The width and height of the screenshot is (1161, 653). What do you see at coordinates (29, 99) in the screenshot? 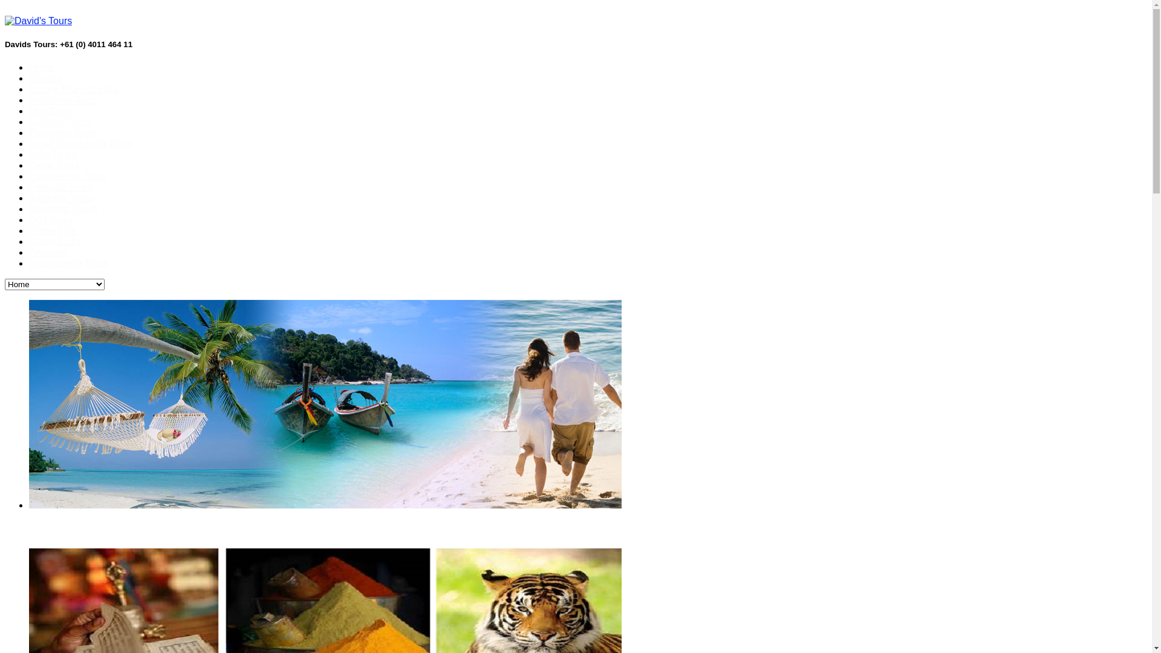
I see `'Indochina Tours'` at bounding box center [29, 99].